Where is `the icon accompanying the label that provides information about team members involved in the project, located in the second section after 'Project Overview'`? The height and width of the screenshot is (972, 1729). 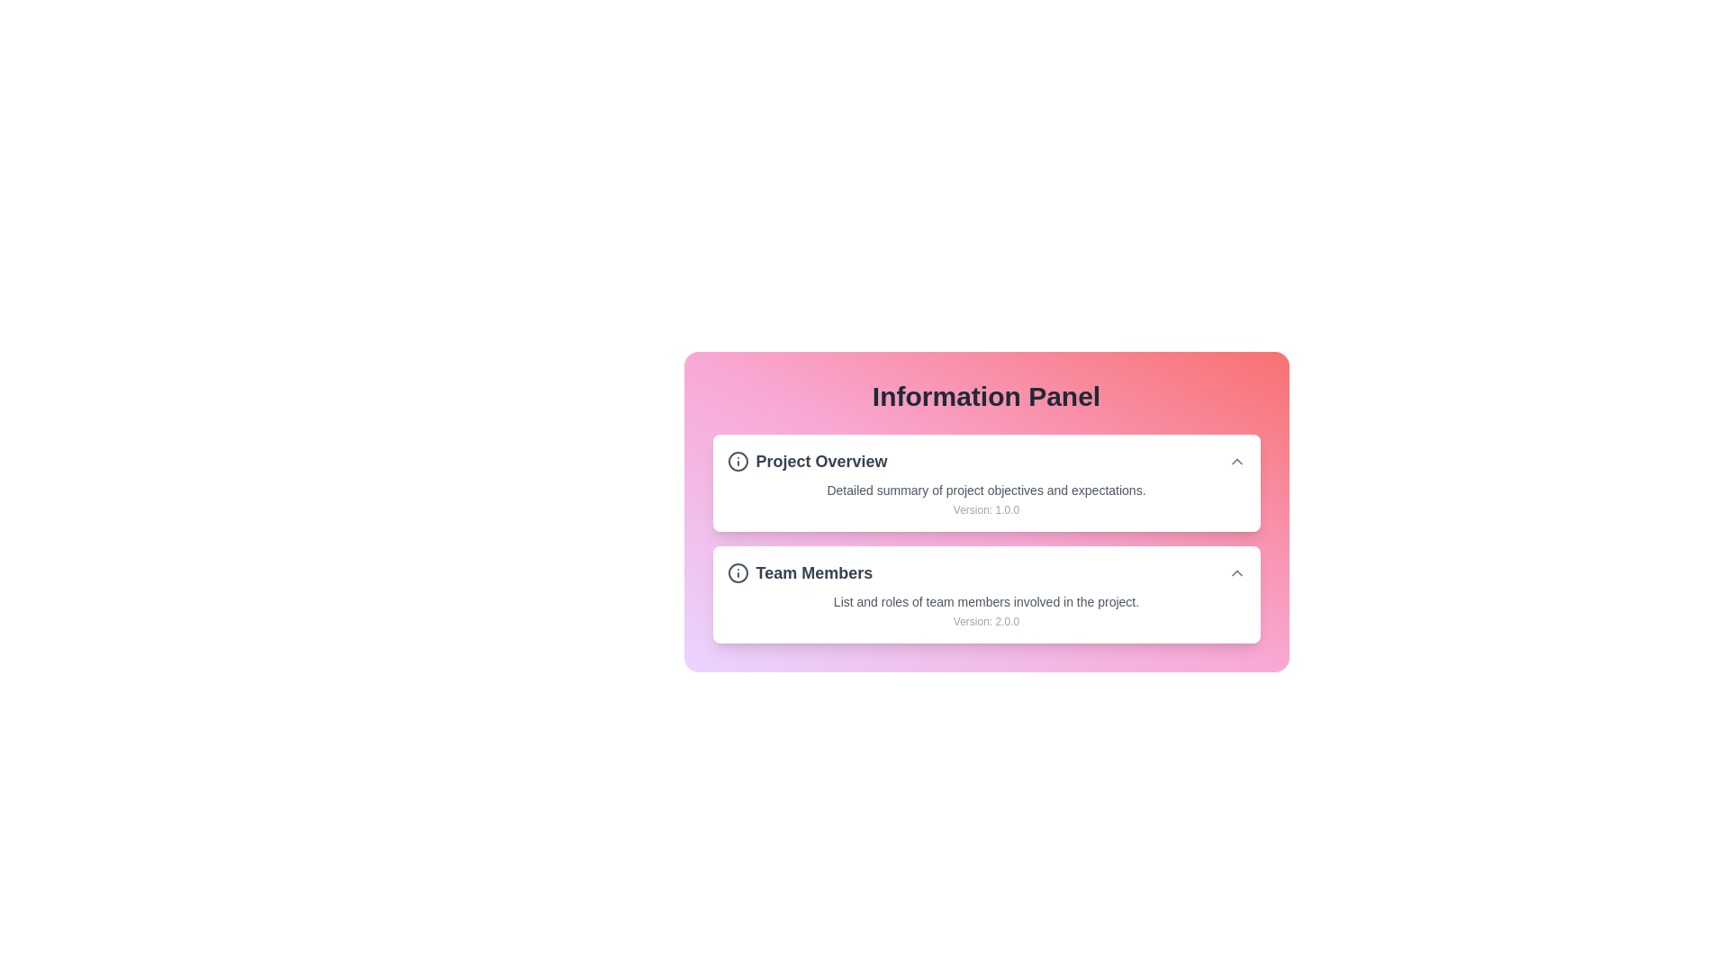
the icon accompanying the label that provides information about team members involved in the project, located in the second section after 'Project Overview' is located at coordinates (799, 572).